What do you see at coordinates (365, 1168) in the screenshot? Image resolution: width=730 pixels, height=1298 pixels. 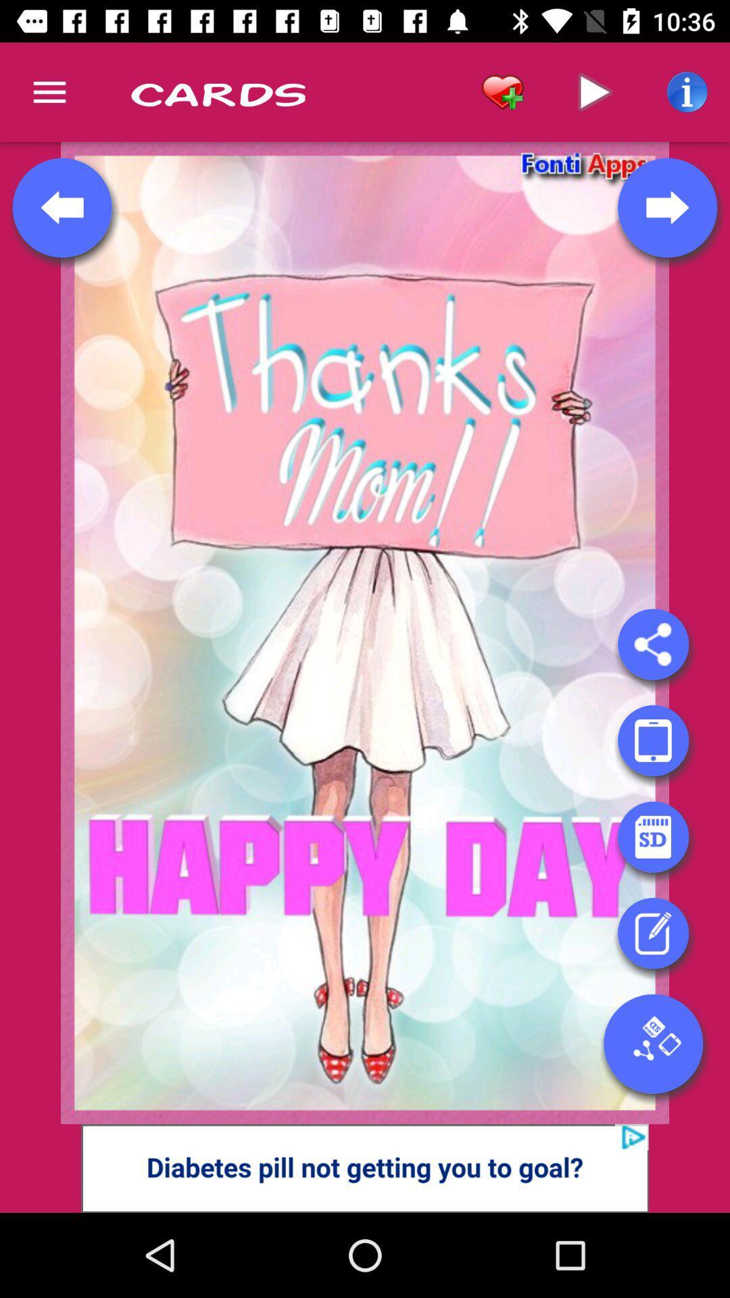 I see `click on advertisement` at bounding box center [365, 1168].